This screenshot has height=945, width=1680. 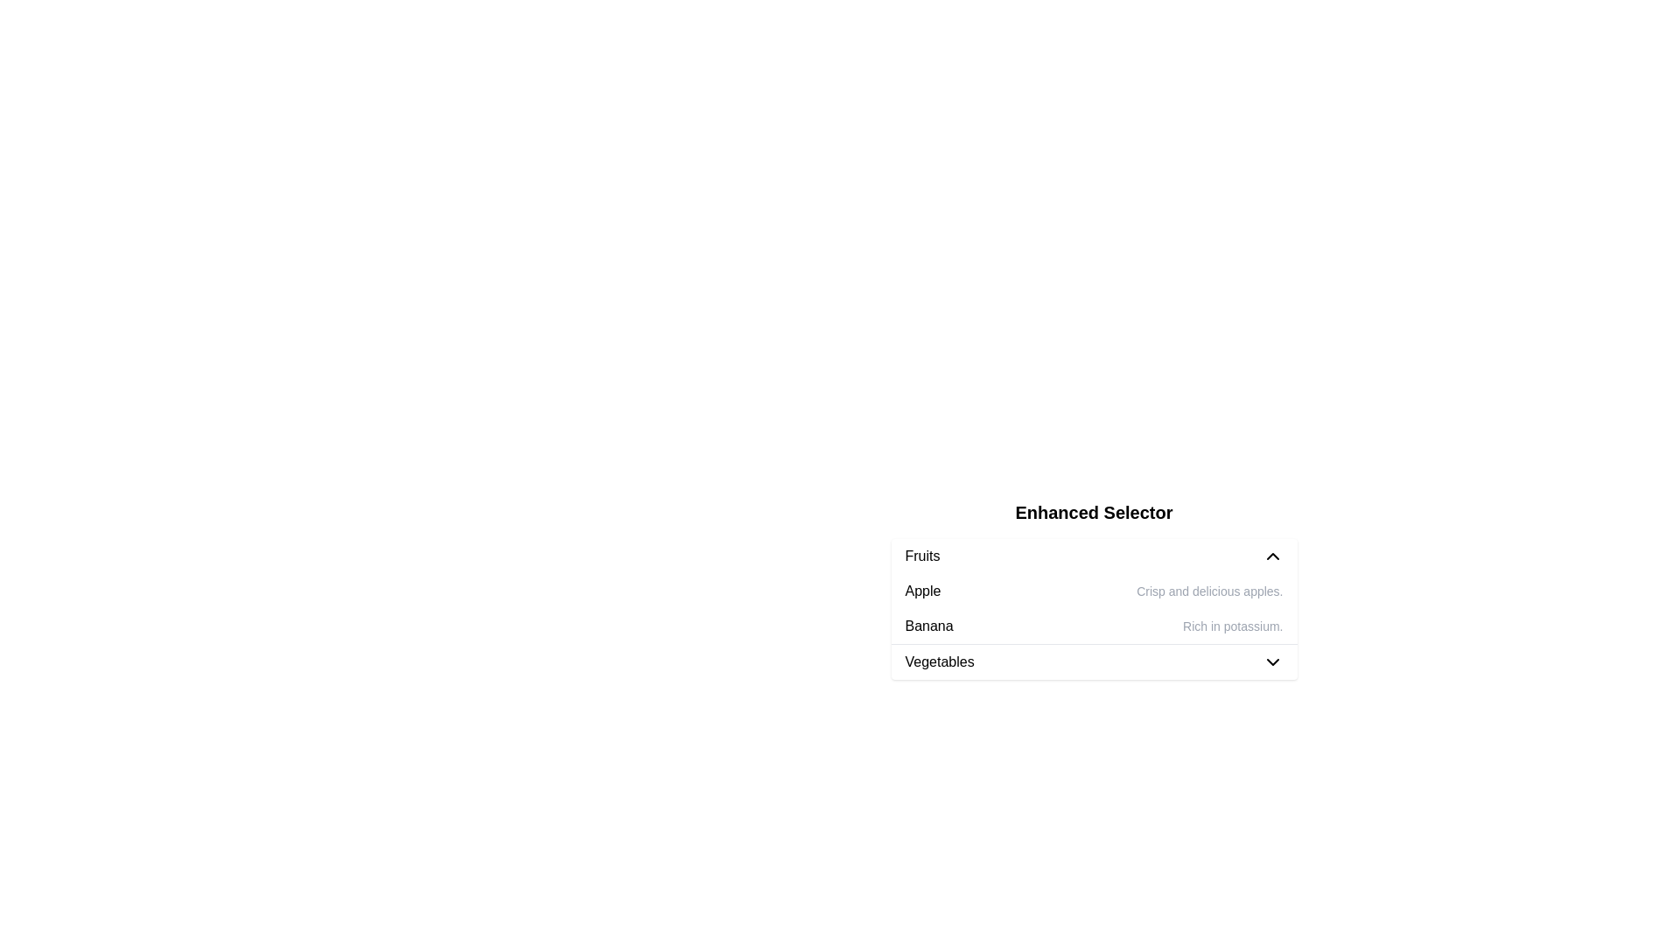 I want to click on the first list item titled 'Apple' with the description 'Crisp and delicious apples', so click(x=1093, y=591).